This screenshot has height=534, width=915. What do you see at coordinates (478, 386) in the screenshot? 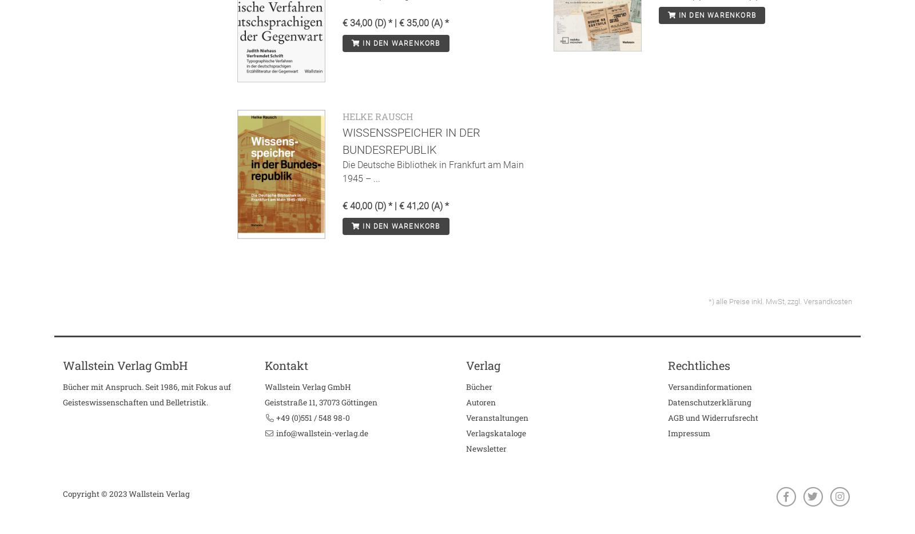
I see `'Bücher'` at bounding box center [478, 386].